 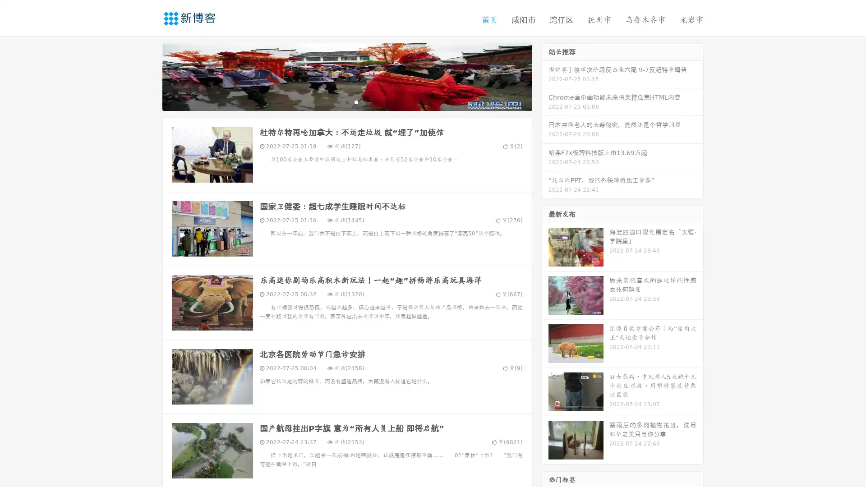 What do you see at coordinates (356, 101) in the screenshot?
I see `Go to slide 3` at bounding box center [356, 101].